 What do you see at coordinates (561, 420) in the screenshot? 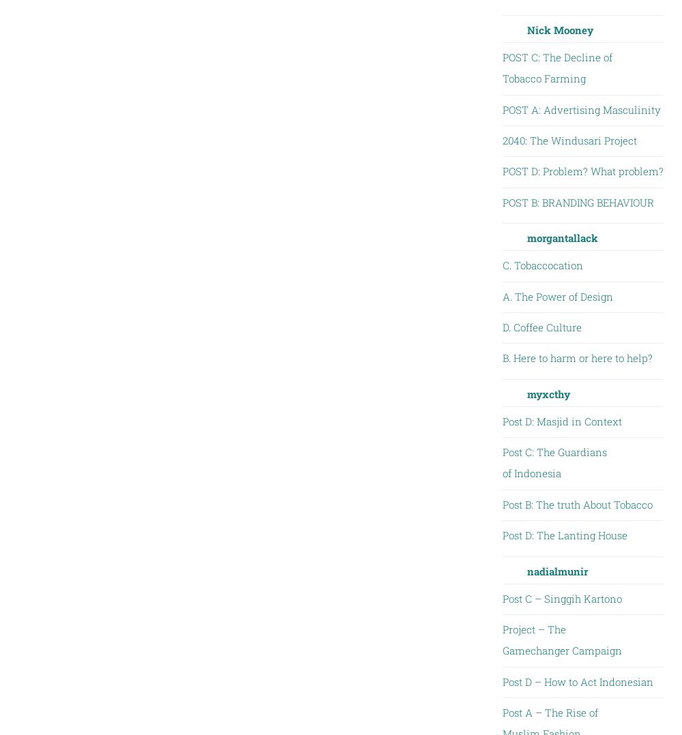
I see `'Post D: Masjid in Context'` at bounding box center [561, 420].